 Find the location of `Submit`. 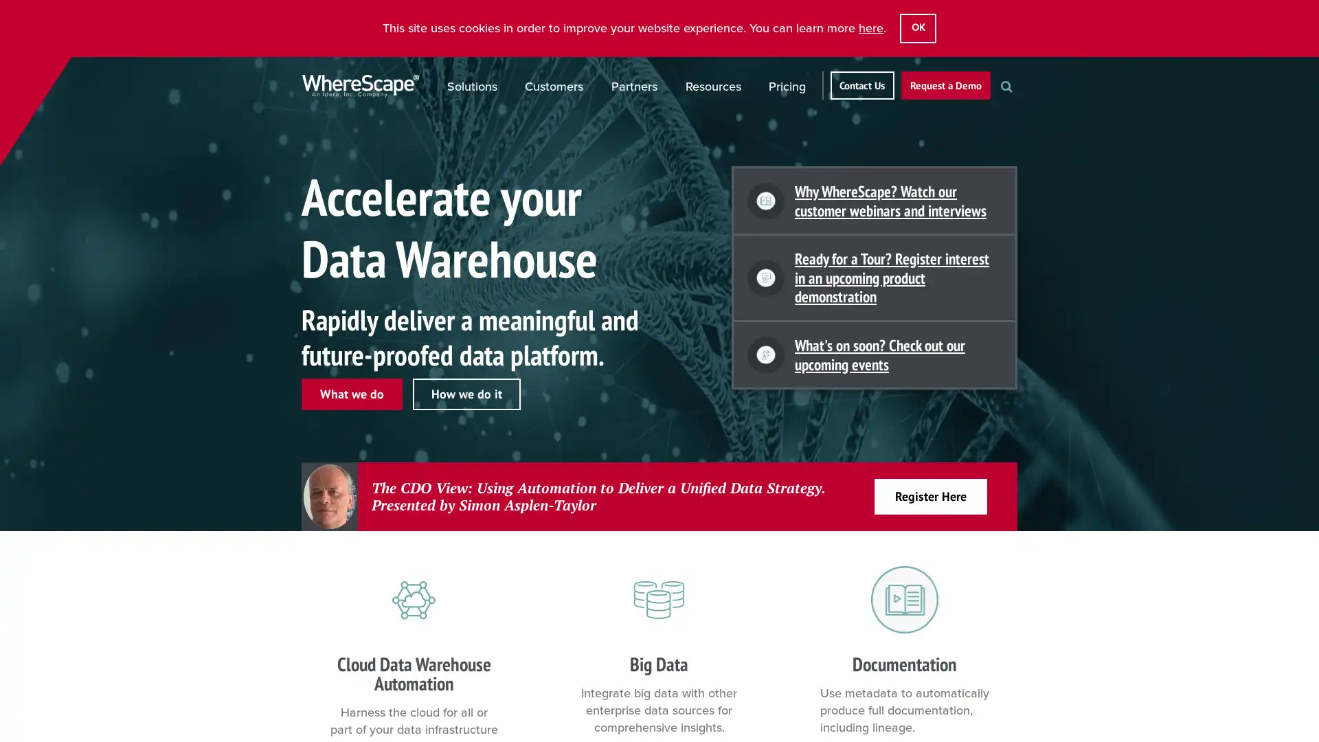

Submit is located at coordinates (1021, 109).